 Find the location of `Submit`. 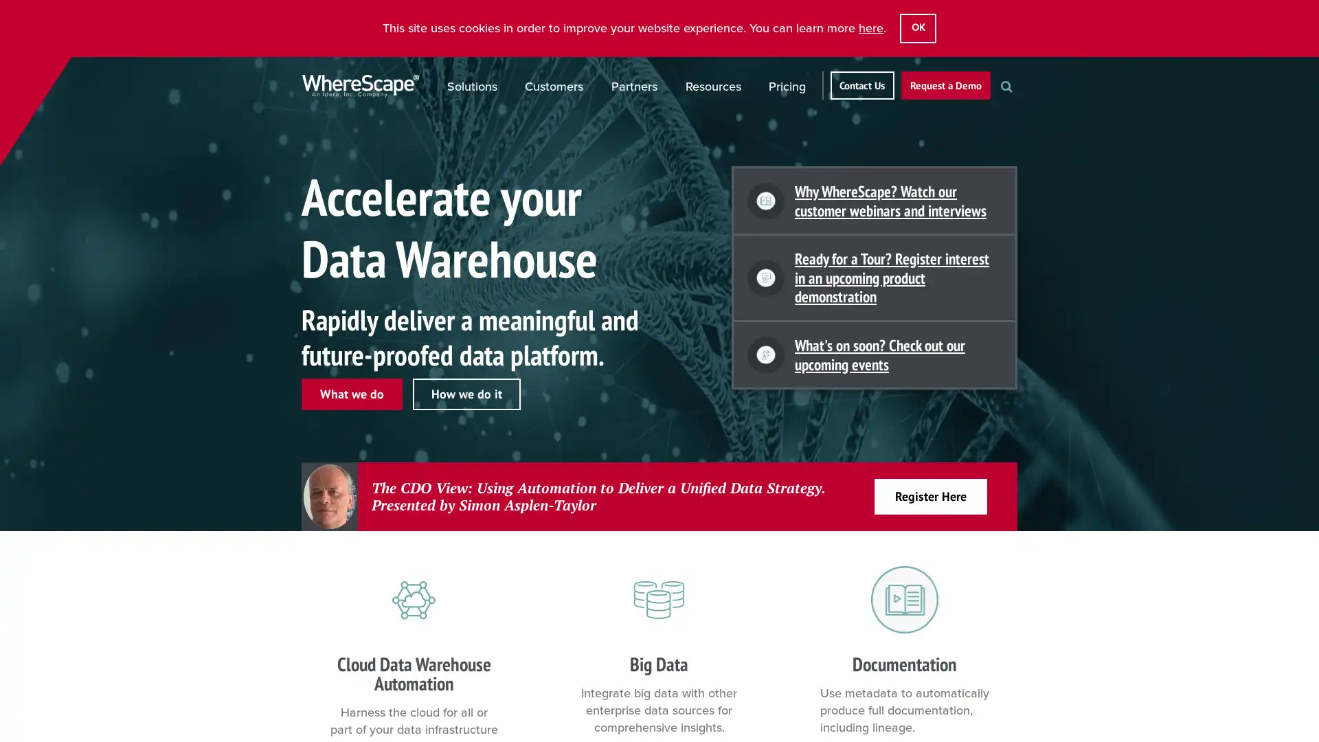

Submit is located at coordinates (1021, 109).